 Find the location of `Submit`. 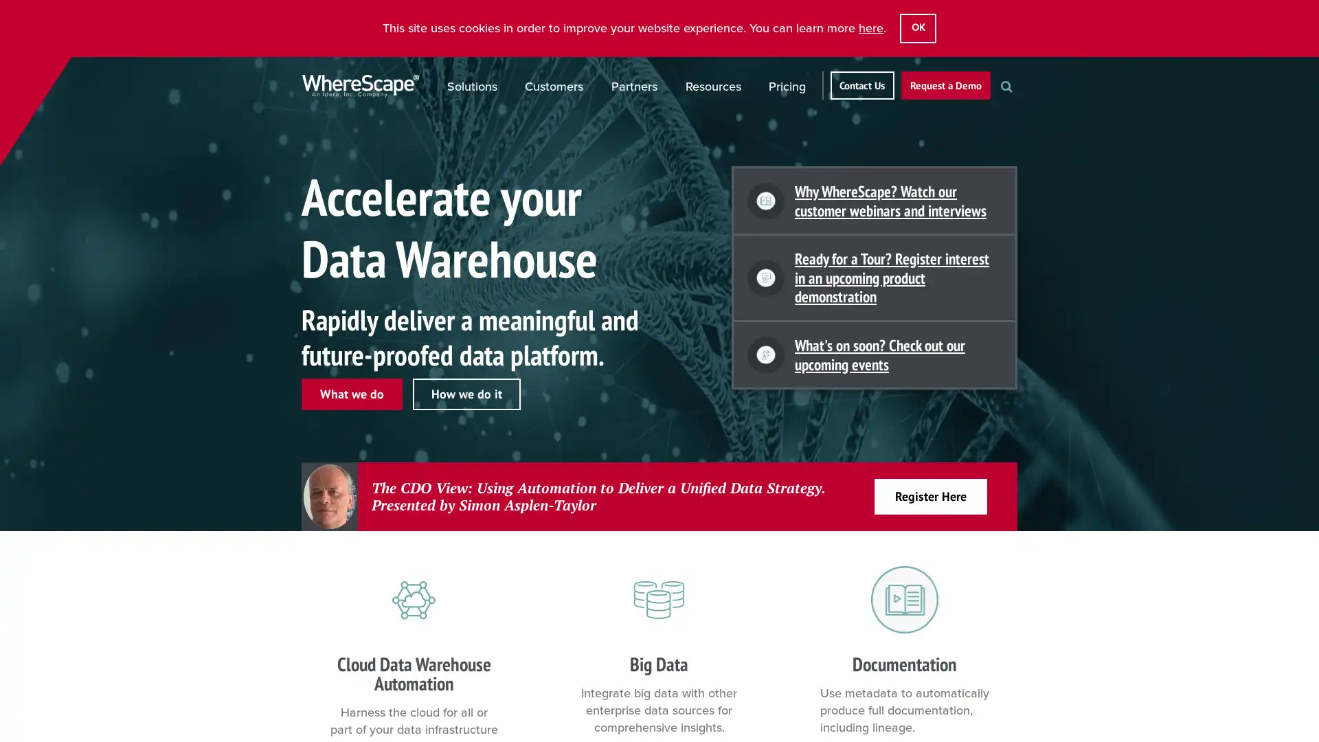

Submit is located at coordinates (1021, 109).